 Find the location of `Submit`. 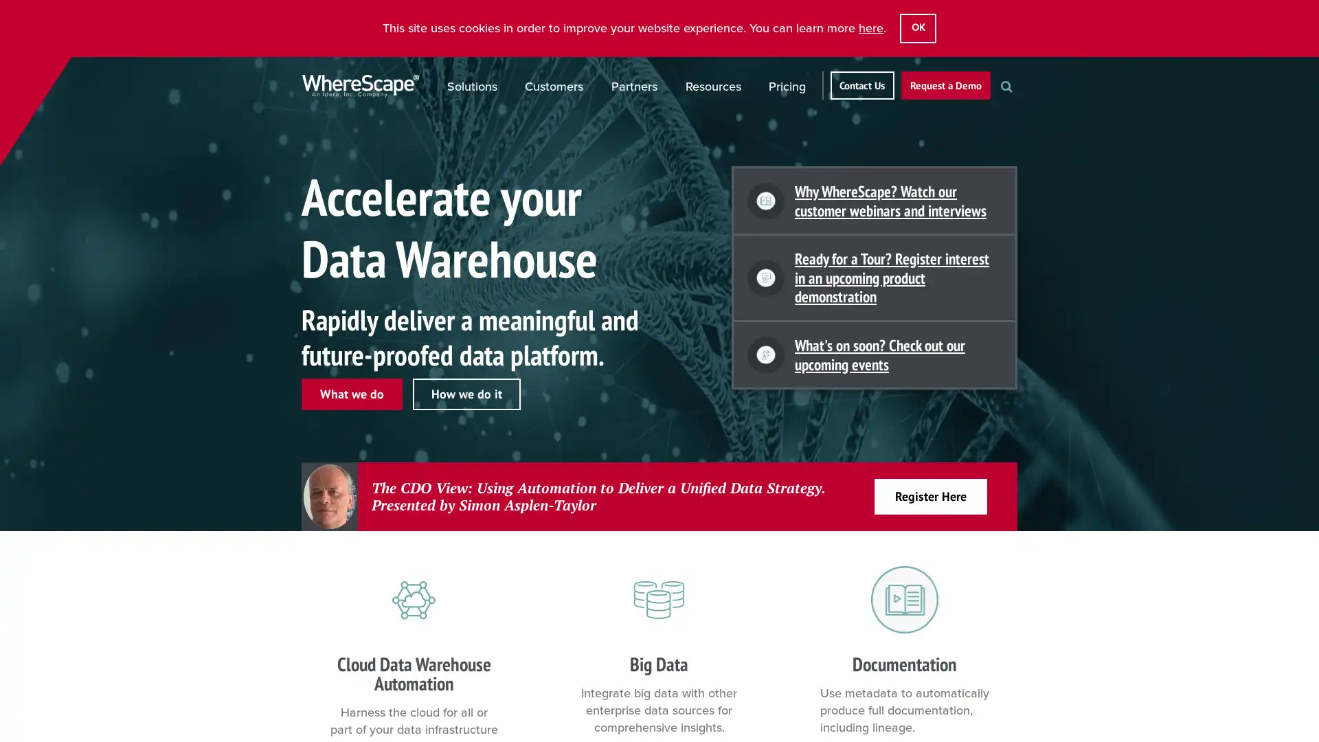

Submit is located at coordinates (1021, 109).